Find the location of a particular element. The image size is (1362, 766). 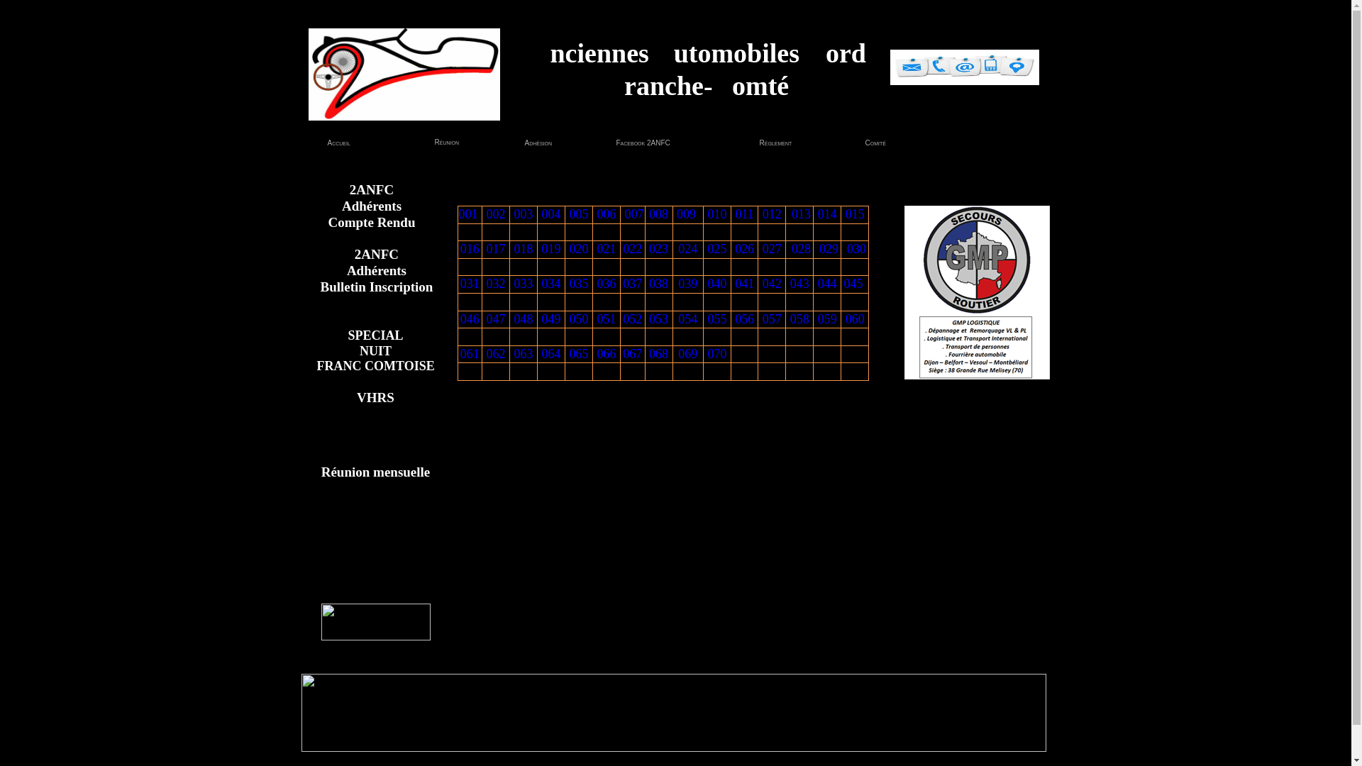

'063' is located at coordinates (522, 353).